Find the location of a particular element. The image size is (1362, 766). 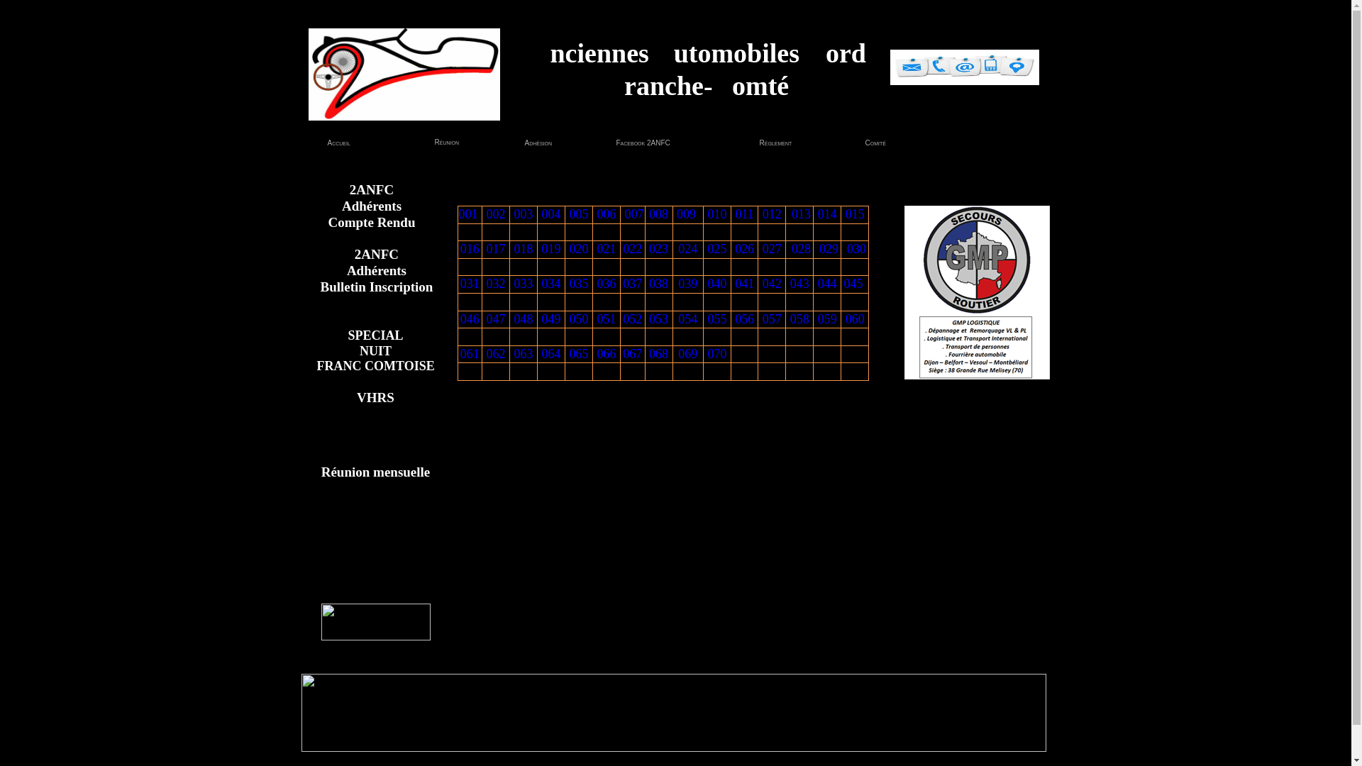

'063' is located at coordinates (522, 353).